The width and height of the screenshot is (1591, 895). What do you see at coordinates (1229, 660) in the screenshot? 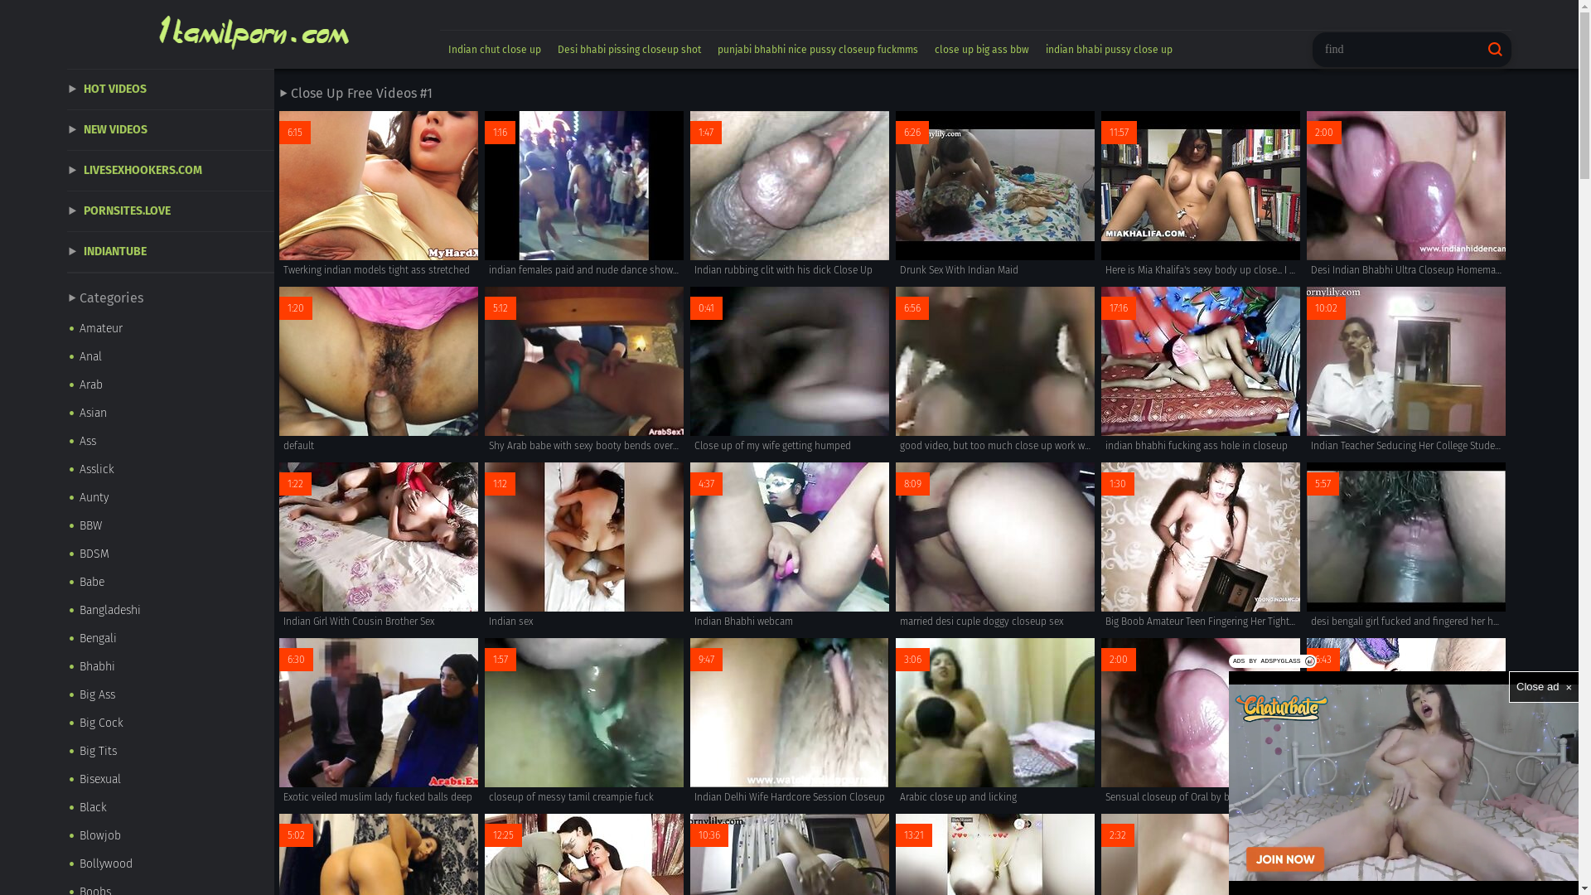
I see `'ADS BY ADSPYGLASS'` at bounding box center [1229, 660].